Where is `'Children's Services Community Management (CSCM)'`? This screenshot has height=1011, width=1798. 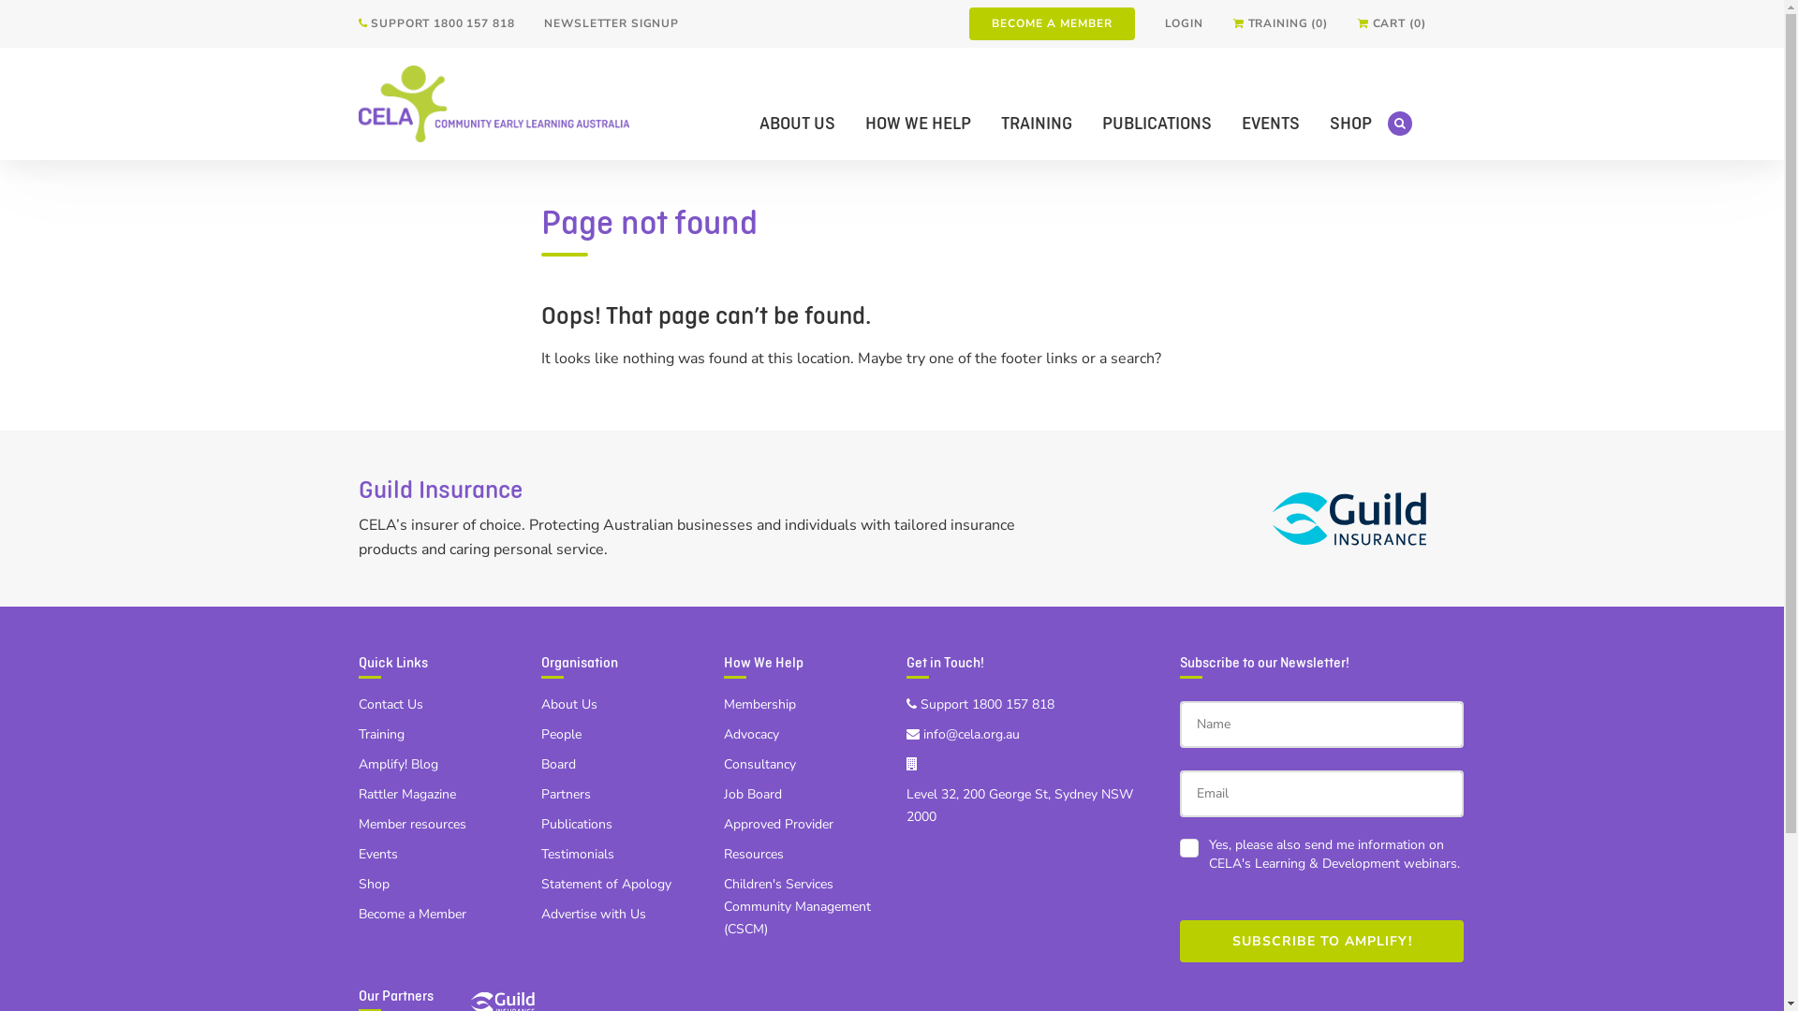
'Children's Services Community Management (CSCM)' is located at coordinates (796, 905).